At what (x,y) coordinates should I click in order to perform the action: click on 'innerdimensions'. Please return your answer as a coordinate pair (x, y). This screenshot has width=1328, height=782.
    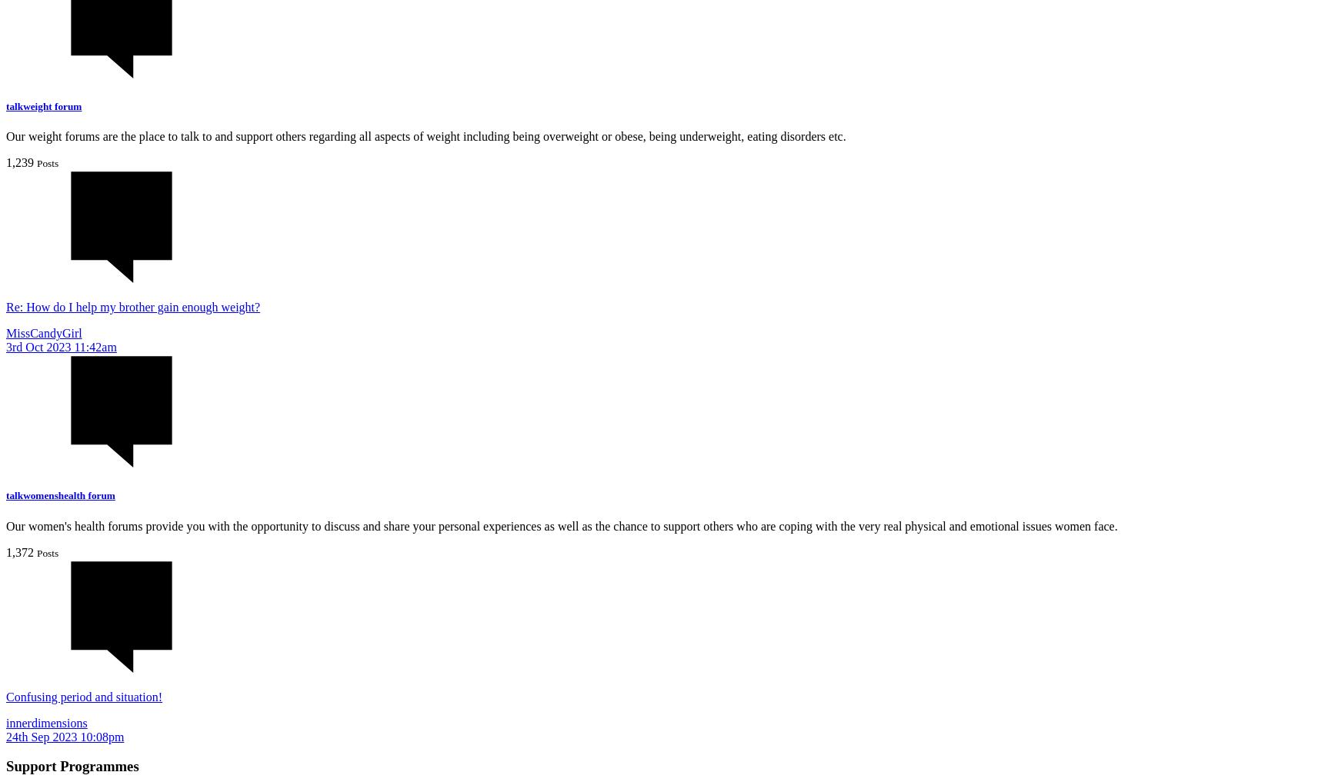
    Looking at the image, I should click on (46, 721).